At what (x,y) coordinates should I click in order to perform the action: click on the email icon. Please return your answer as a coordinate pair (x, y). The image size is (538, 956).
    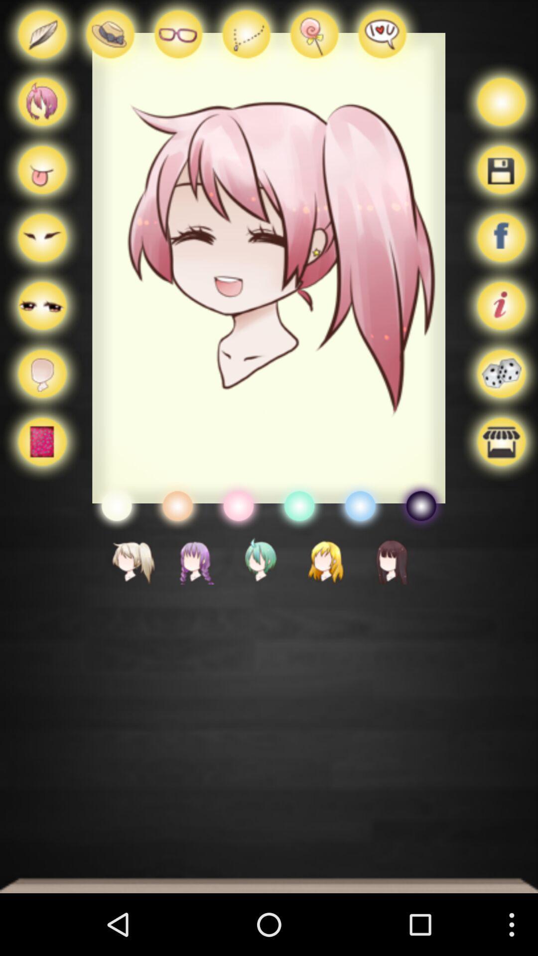
    Looking at the image, I should click on (41, 254).